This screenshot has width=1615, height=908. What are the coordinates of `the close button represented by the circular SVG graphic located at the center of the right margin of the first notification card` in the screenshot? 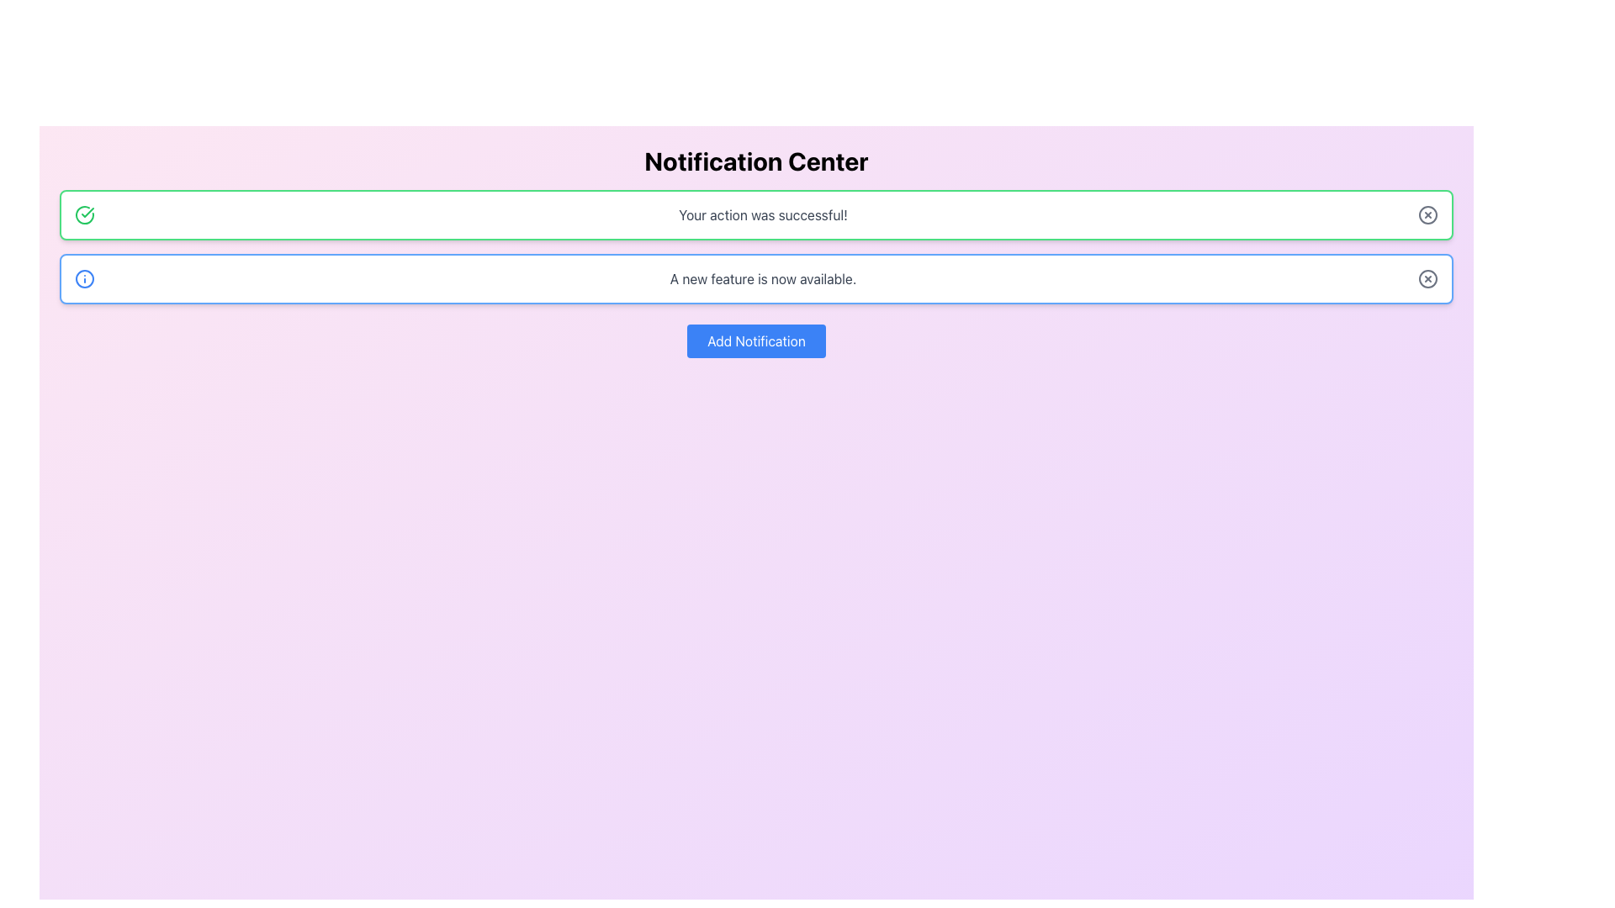 It's located at (1427, 214).